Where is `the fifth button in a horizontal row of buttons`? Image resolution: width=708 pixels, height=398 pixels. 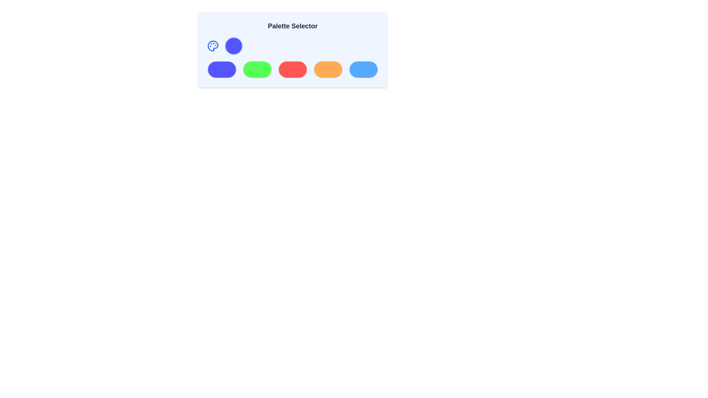
the fifth button in a horizontal row of buttons is located at coordinates (363, 70).